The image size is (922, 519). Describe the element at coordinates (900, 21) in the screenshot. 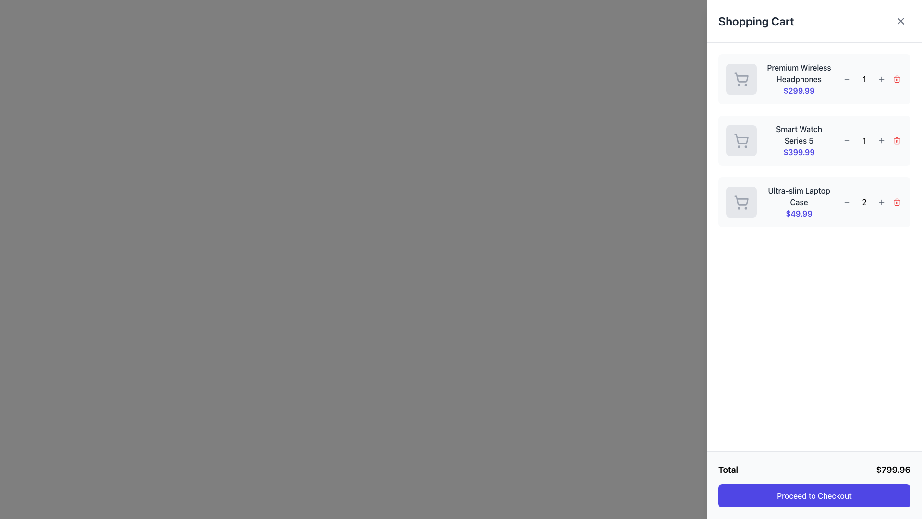

I see `the 'X' icon on the close button located at the top-right corner of the Shopping Cart panel` at that location.